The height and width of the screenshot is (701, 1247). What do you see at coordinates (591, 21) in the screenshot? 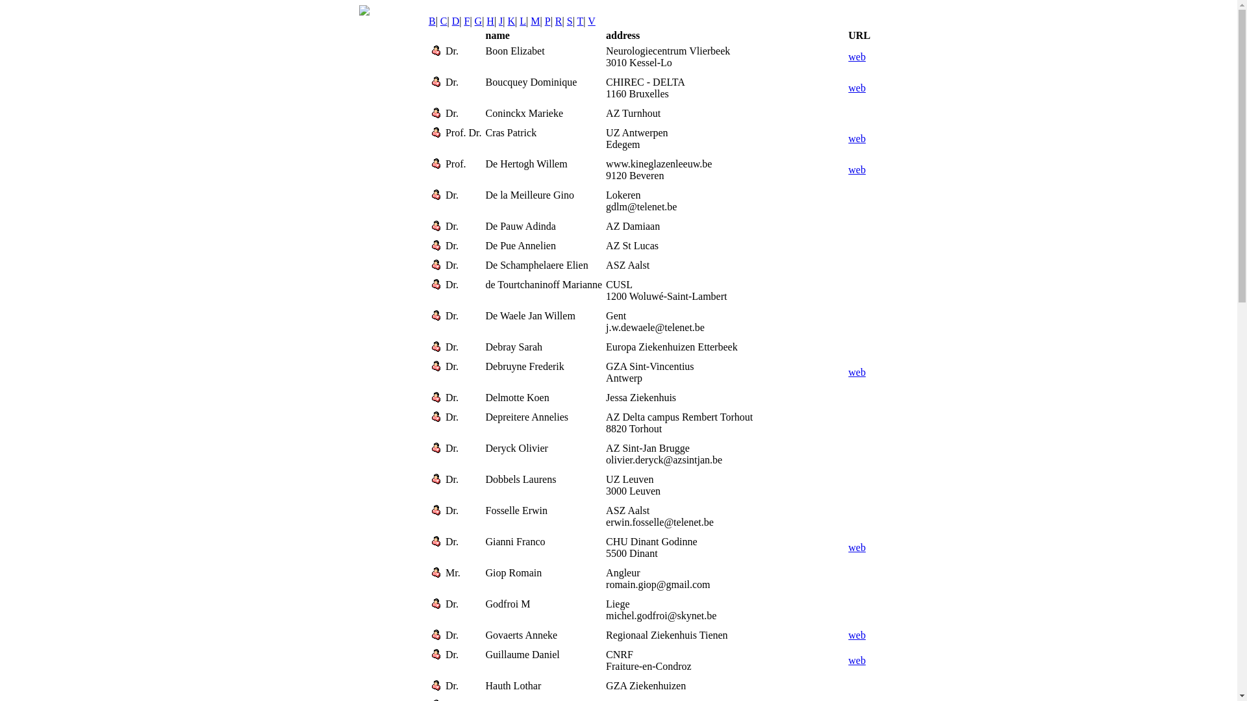
I see `'V'` at bounding box center [591, 21].